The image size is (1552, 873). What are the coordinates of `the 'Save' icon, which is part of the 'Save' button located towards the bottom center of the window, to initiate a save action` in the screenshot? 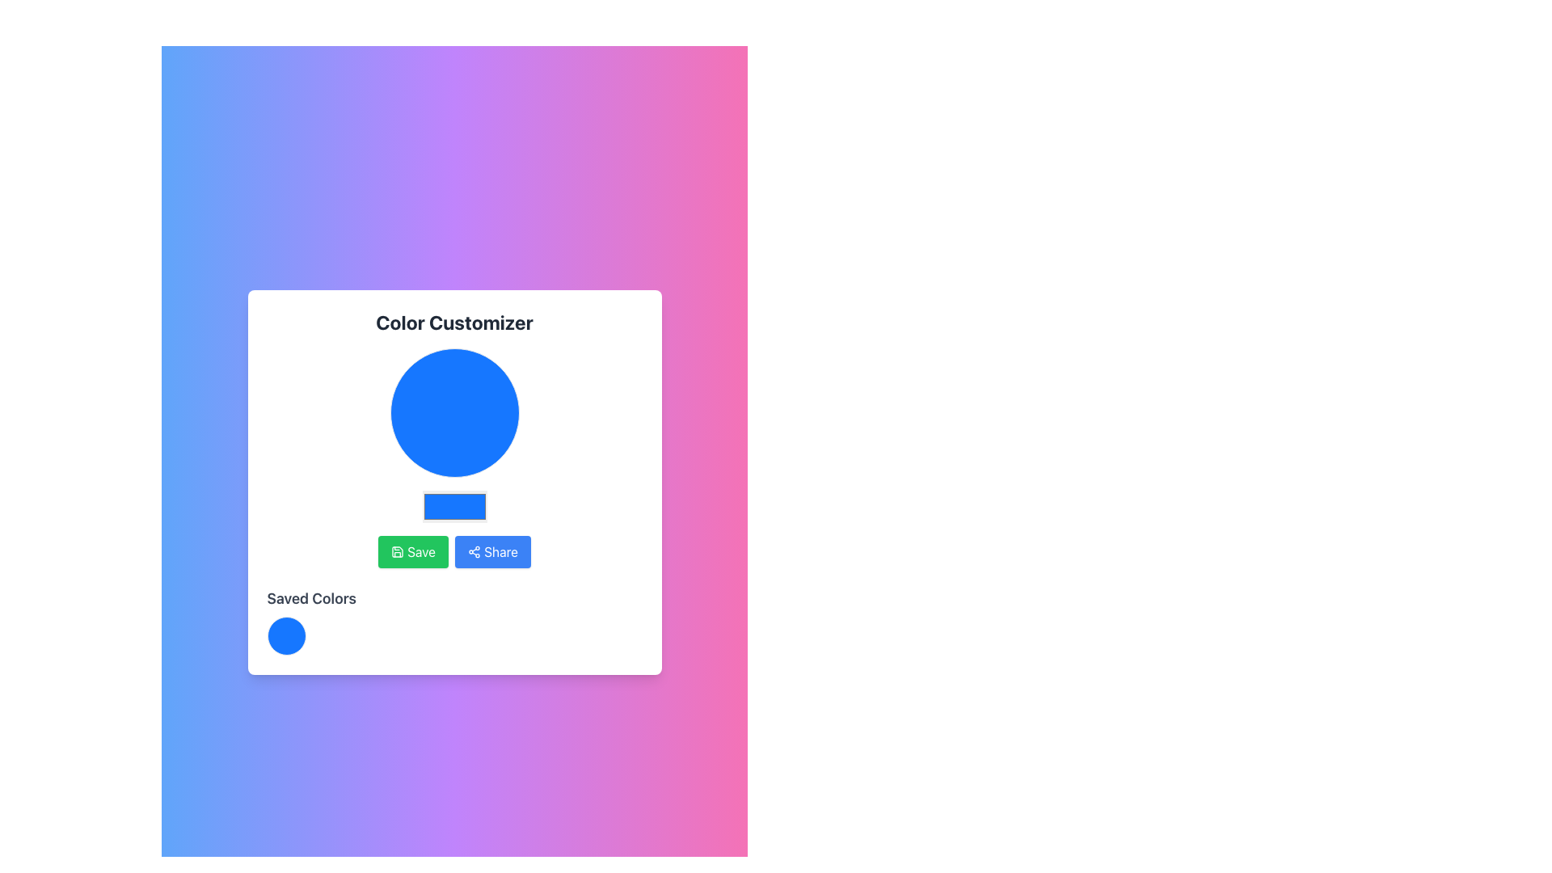 It's located at (398, 550).